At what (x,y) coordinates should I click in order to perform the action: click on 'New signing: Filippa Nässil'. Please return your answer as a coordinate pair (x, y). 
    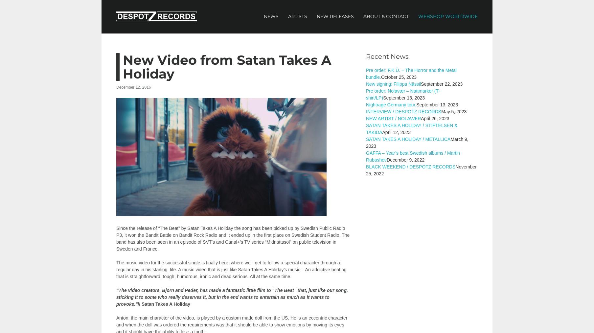
    Looking at the image, I should click on (393, 84).